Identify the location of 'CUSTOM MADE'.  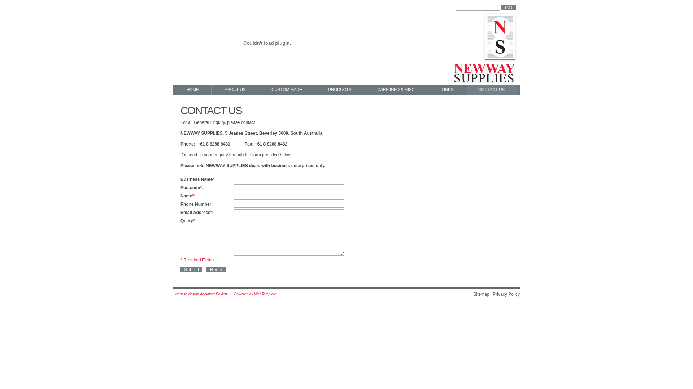
(258, 89).